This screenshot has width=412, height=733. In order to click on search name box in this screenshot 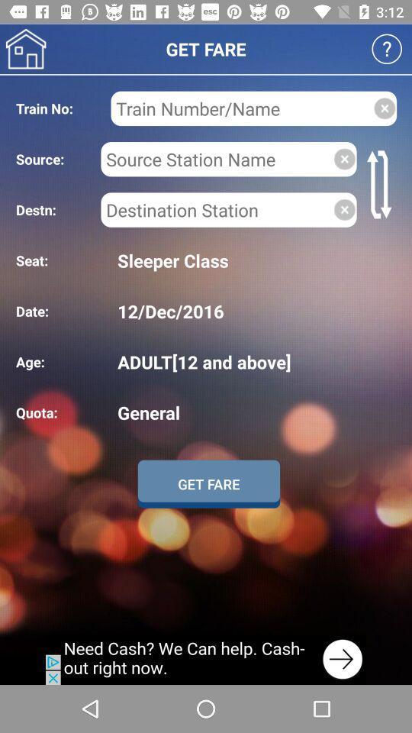, I will do `click(216, 159)`.